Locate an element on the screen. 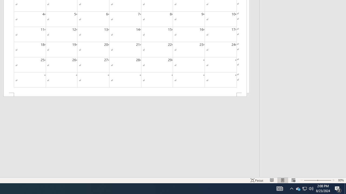 The width and height of the screenshot is (346, 194). 'Focus ' is located at coordinates (257, 180).